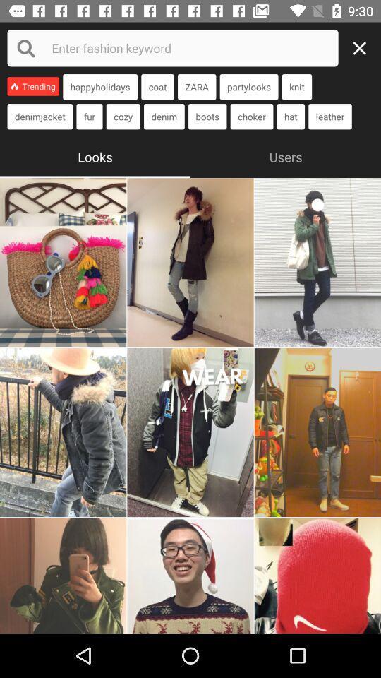 Image resolution: width=381 pixels, height=678 pixels. I want to click on enlarge this photo, so click(190, 432).